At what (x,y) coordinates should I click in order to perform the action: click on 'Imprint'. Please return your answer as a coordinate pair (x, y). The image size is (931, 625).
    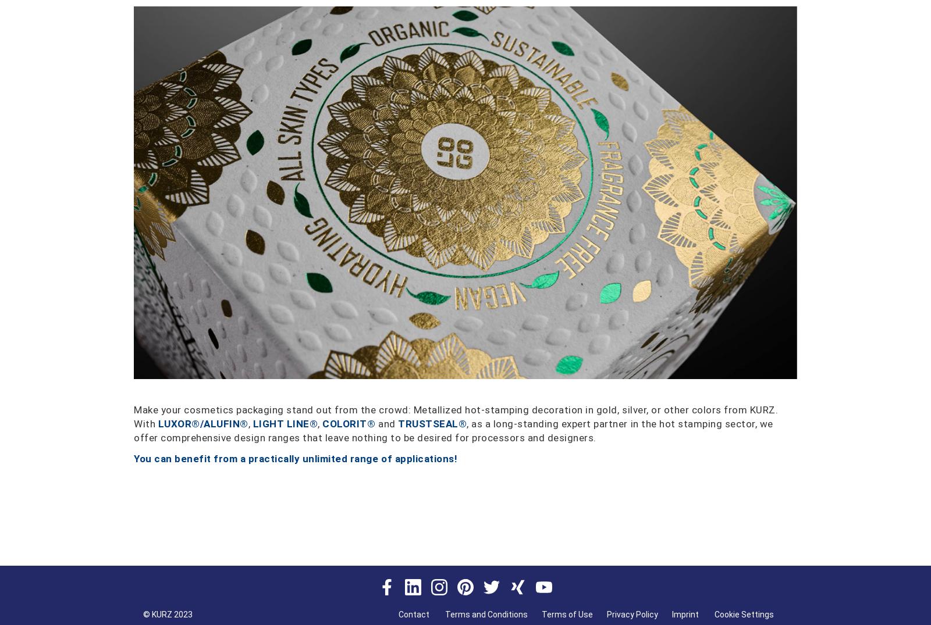
    Looking at the image, I should click on (685, 615).